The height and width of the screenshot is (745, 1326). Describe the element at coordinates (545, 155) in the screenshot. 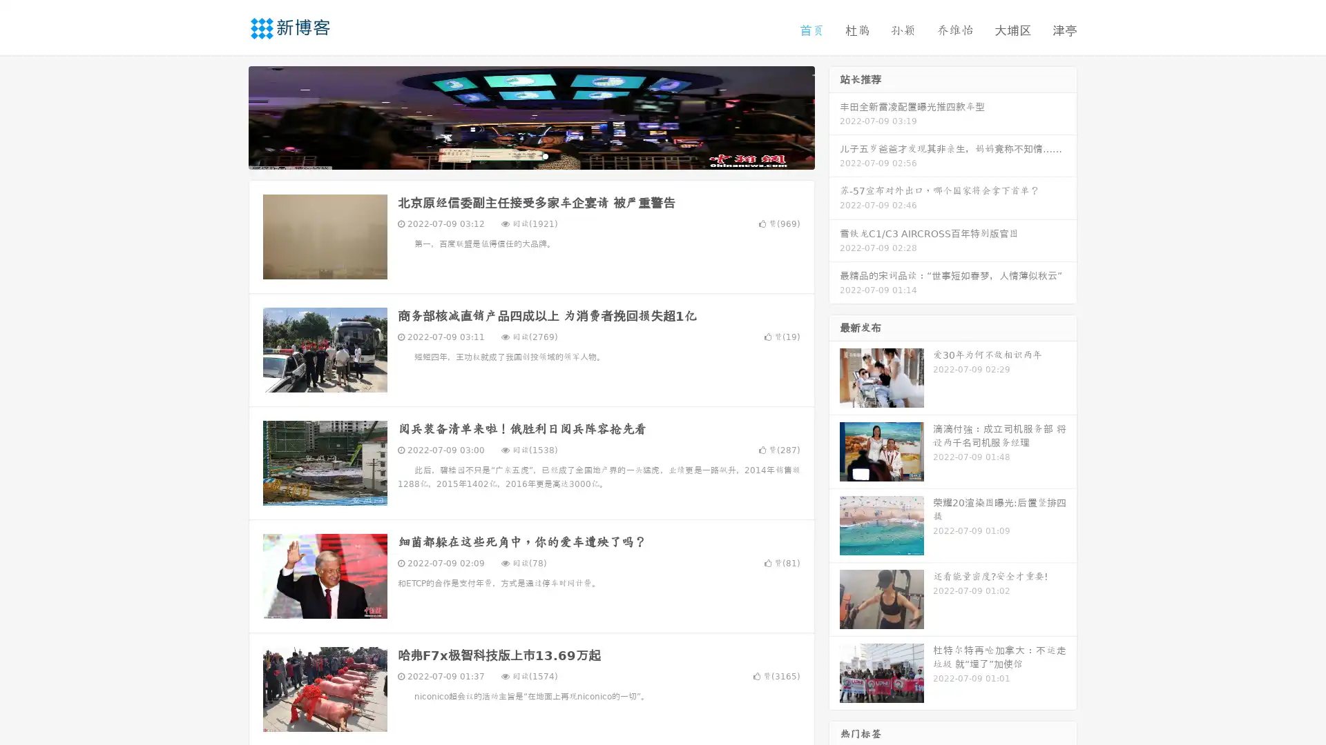

I see `Go to slide 3` at that location.